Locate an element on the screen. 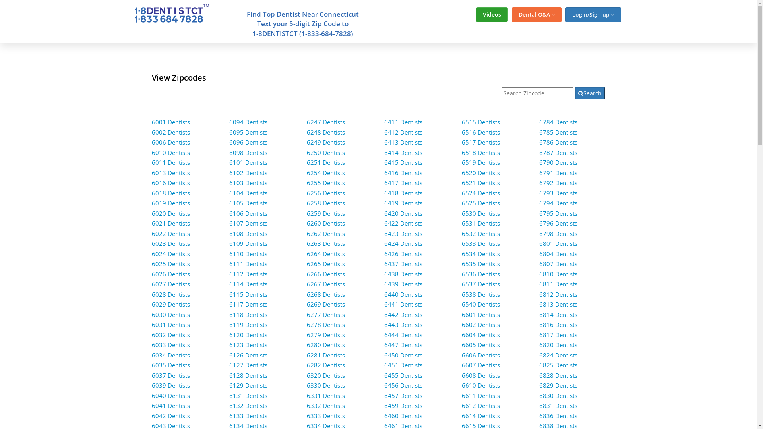 This screenshot has height=429, width=763. '6413 Dentists' is located at coordinates (403, 142).